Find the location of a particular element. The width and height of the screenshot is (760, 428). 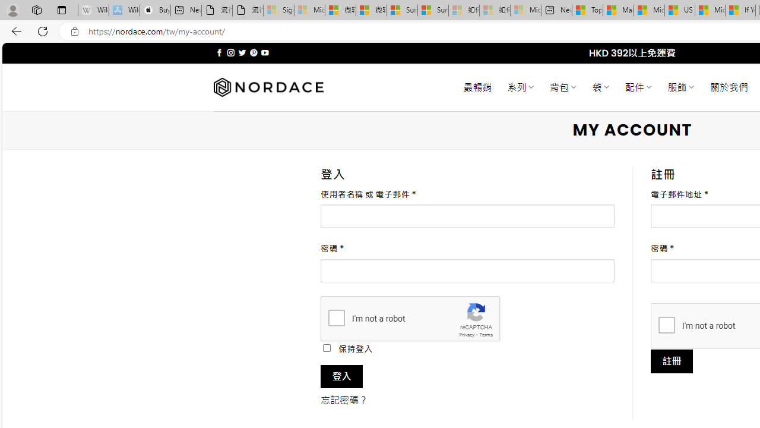

'Follow on YouTube' is located at coordinates (264, 52).